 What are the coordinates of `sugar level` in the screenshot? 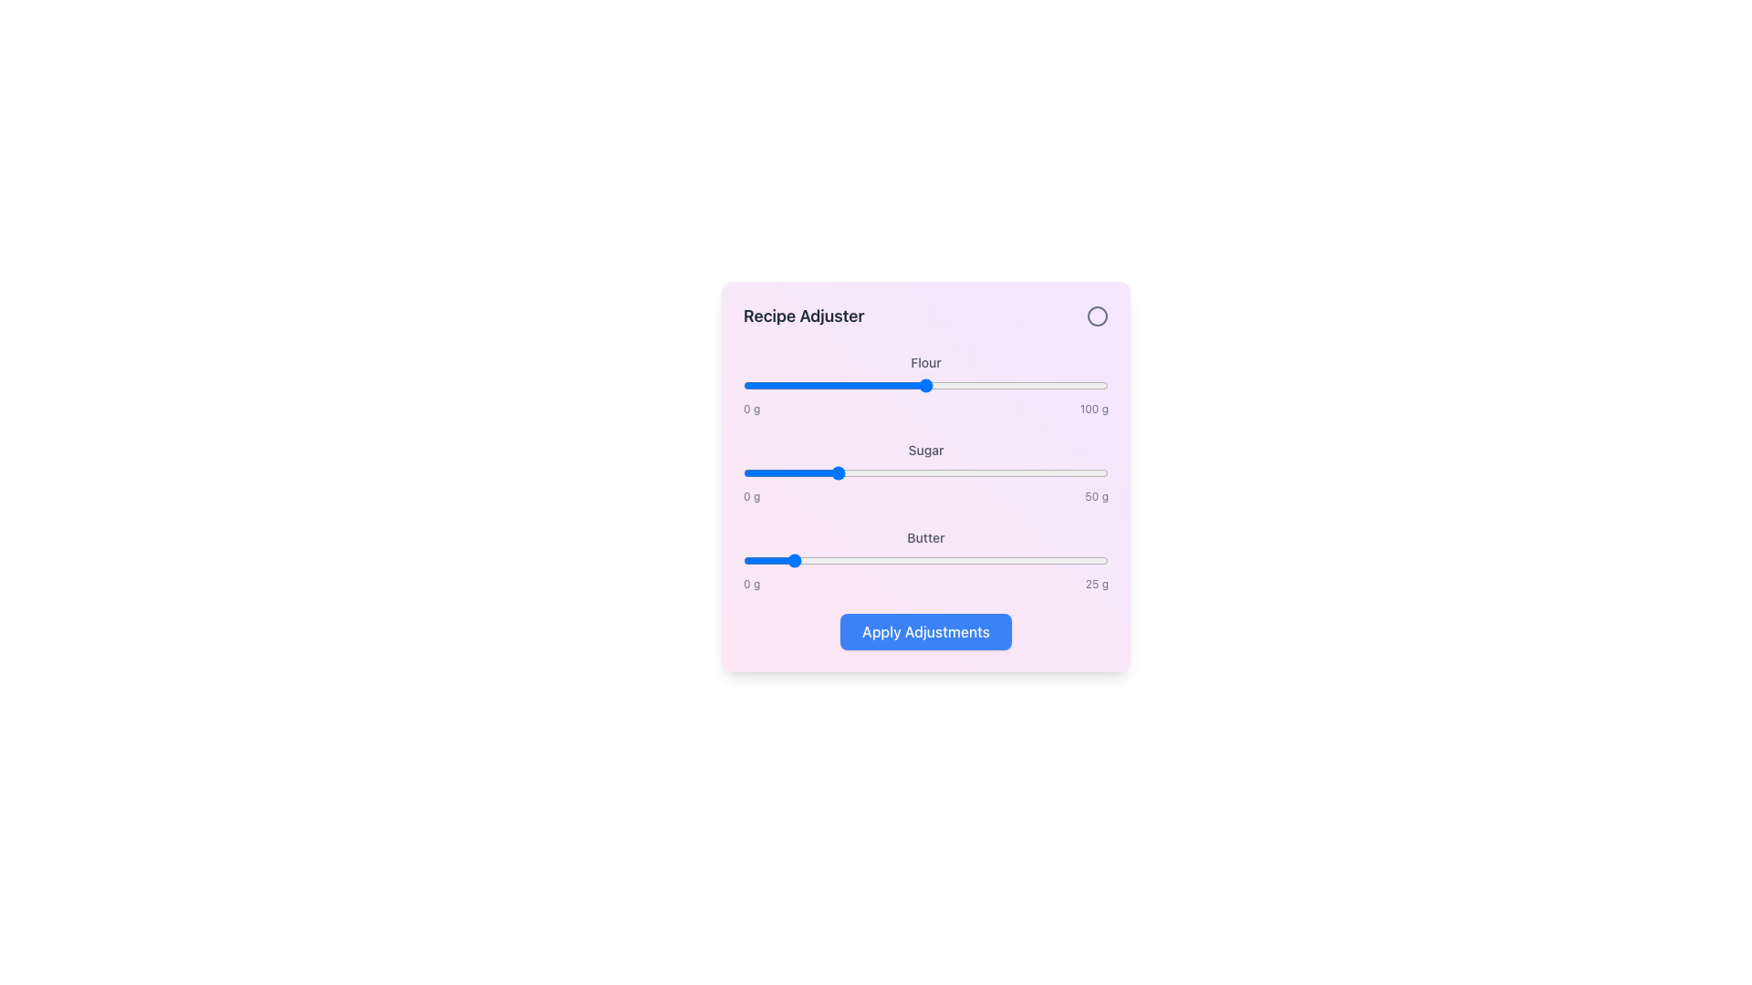 It's located at (925, 472).